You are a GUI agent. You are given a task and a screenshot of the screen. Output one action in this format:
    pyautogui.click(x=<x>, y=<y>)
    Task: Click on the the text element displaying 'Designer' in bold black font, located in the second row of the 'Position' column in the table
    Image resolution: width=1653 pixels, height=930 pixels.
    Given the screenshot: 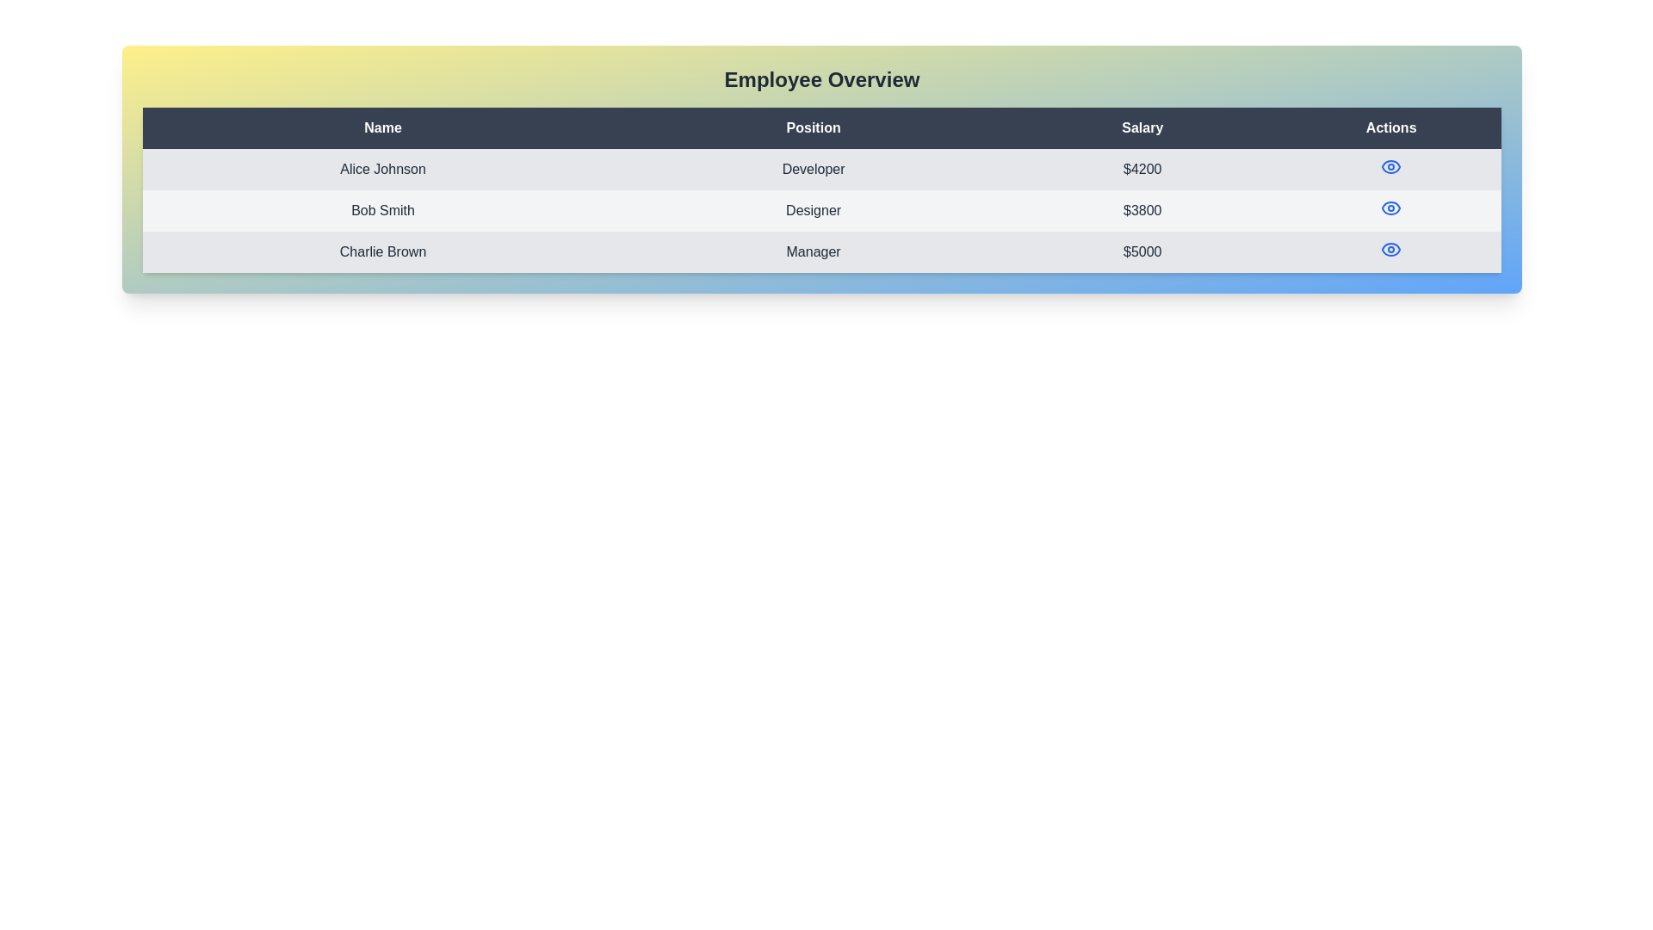 What is the action you would take?
    pyautogui.click(x=813, y=210)
    